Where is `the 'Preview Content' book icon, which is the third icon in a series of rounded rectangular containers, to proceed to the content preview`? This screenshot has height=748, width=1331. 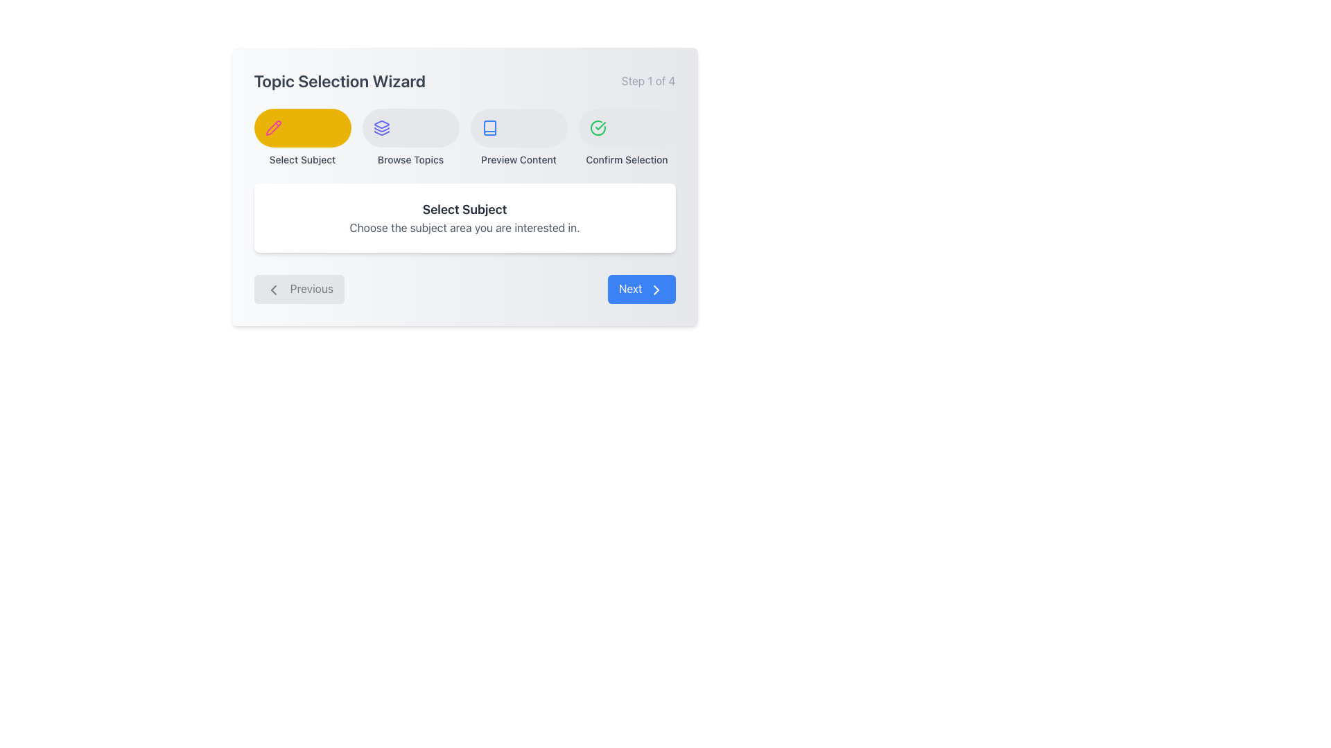 the 'Preview Content' book icon, which is the third icon in a series of rounded rectangular containers, to proceed to the content preview is located at coordinates (489, 128).